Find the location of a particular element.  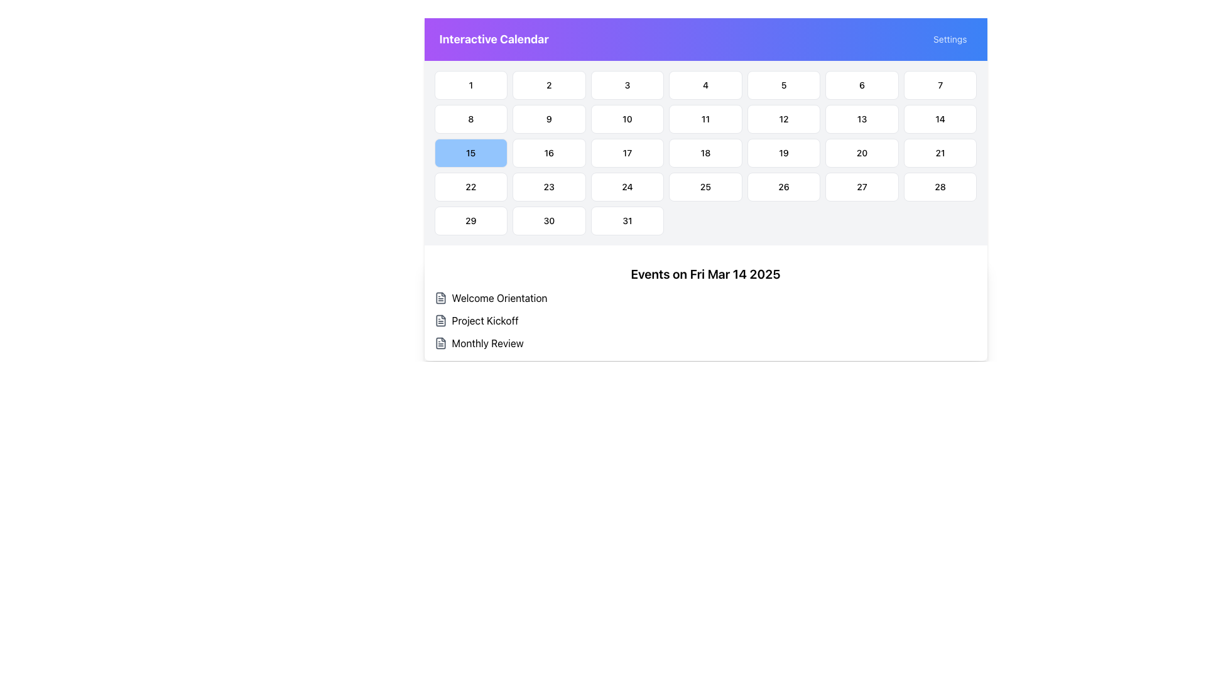

the Calendar day cell displaying the number '11', which is styled with a white background and rounded corners, located in the grid of the Interactive Calendar is located at coordinates (705, 119).